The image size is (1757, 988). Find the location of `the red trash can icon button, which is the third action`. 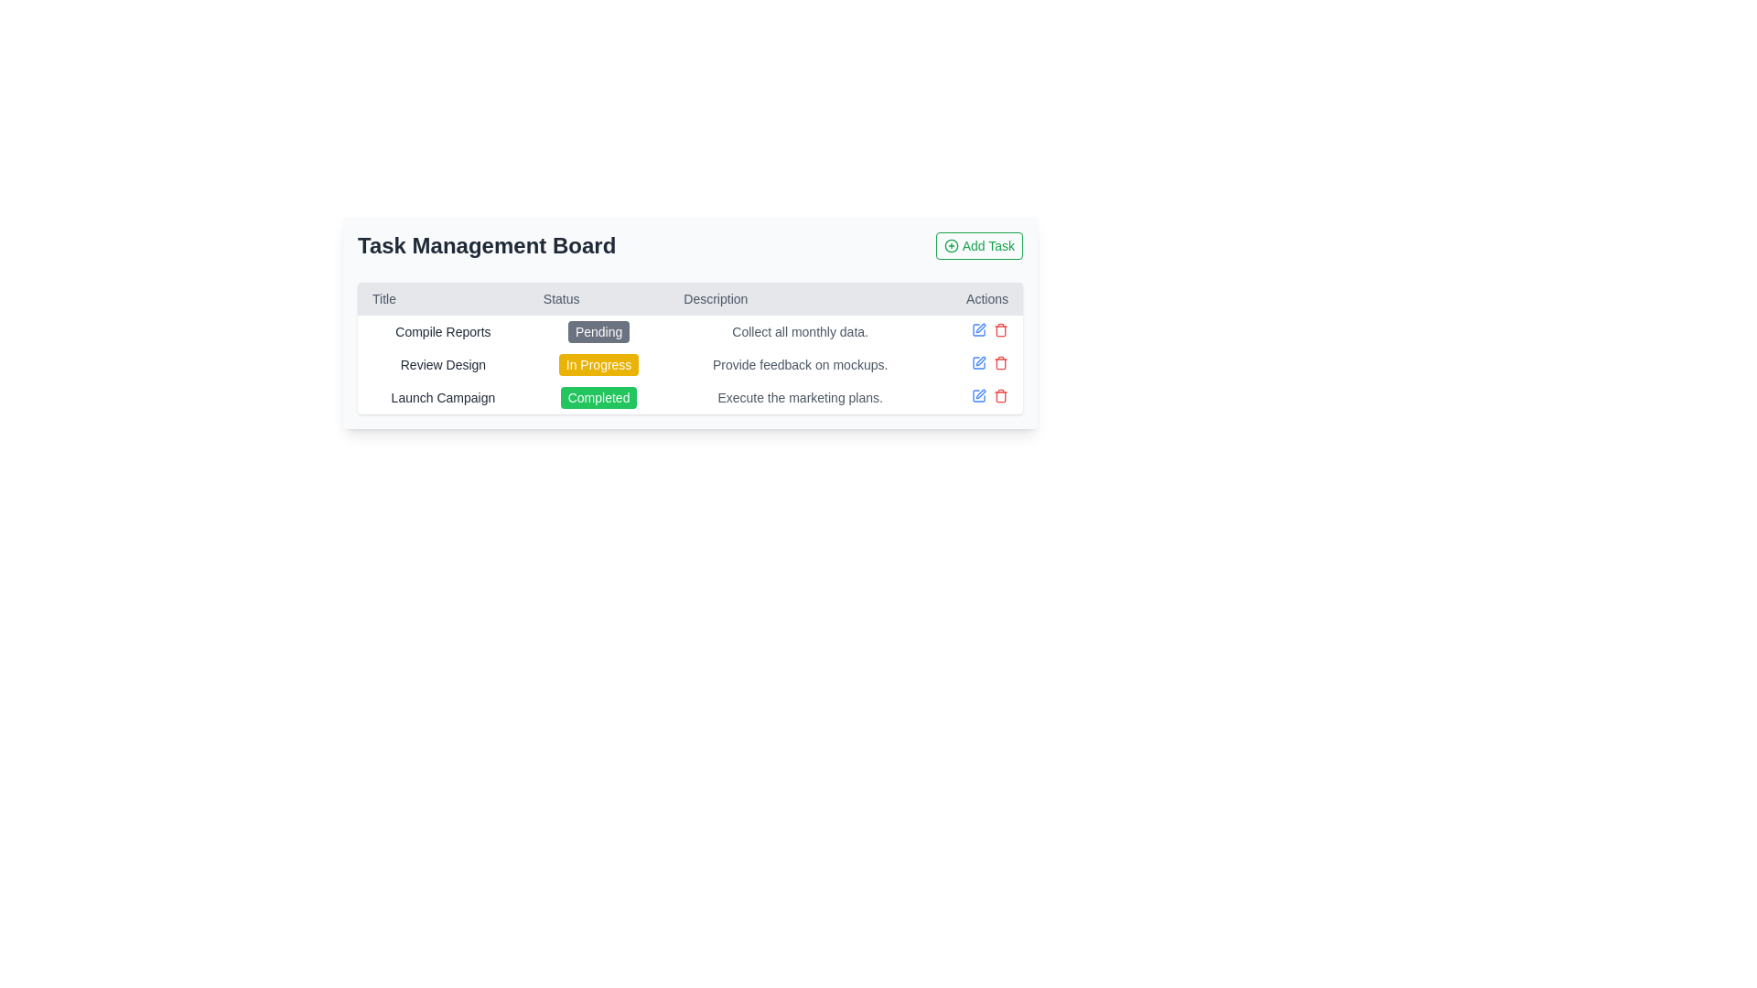

the red trash can icon button, which is the third action is located at coordinates (1000, 394).